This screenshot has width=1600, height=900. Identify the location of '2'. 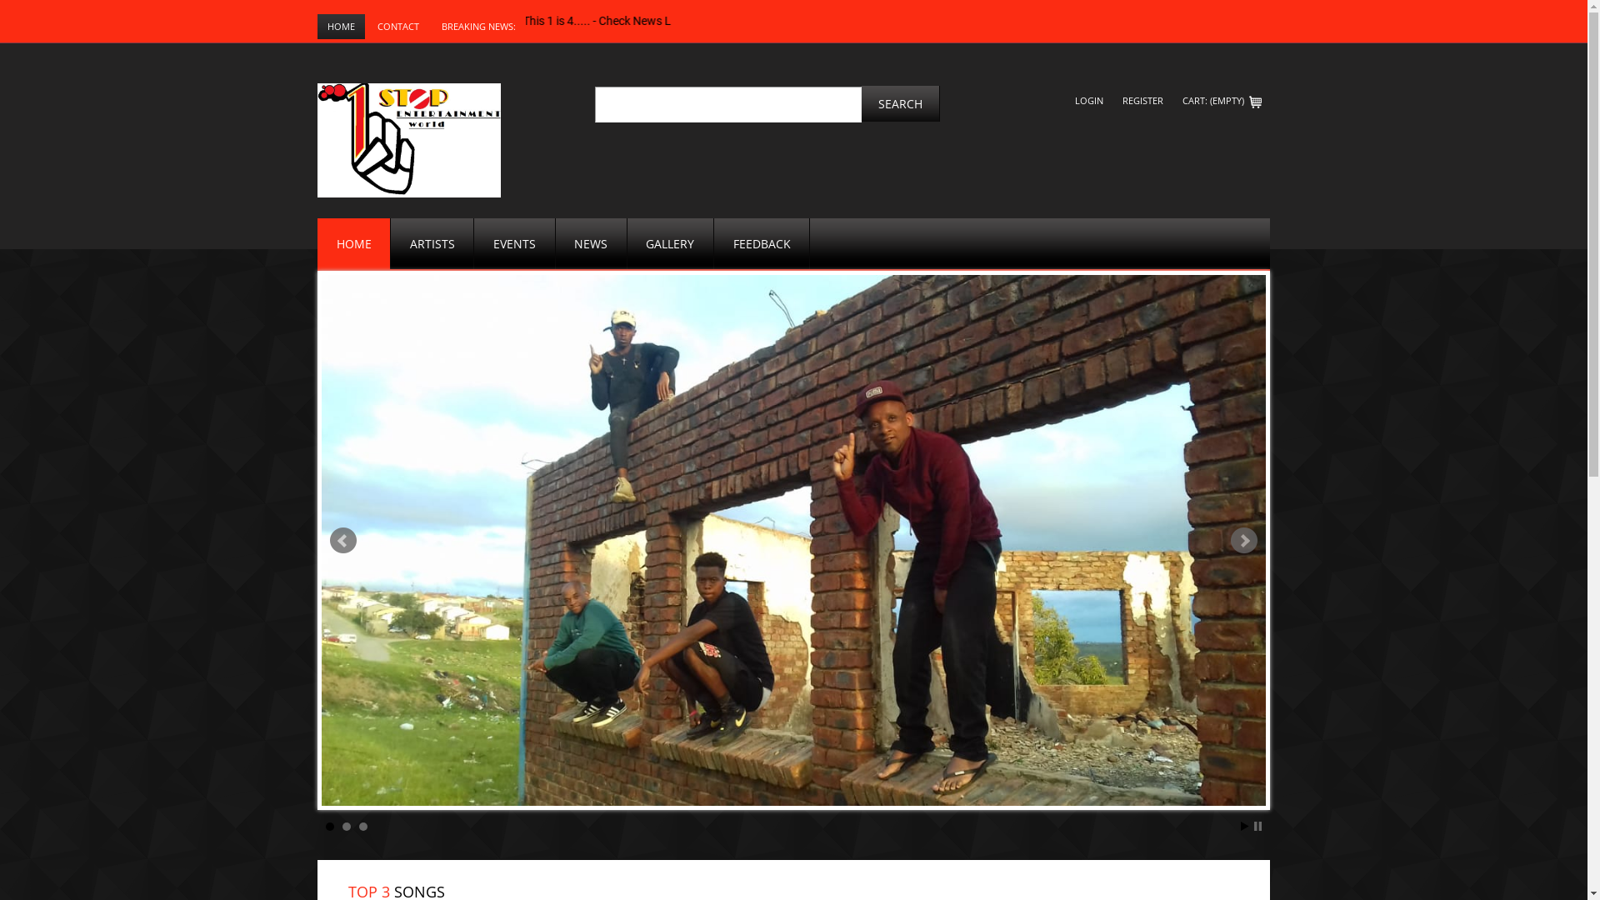
(346, 826).